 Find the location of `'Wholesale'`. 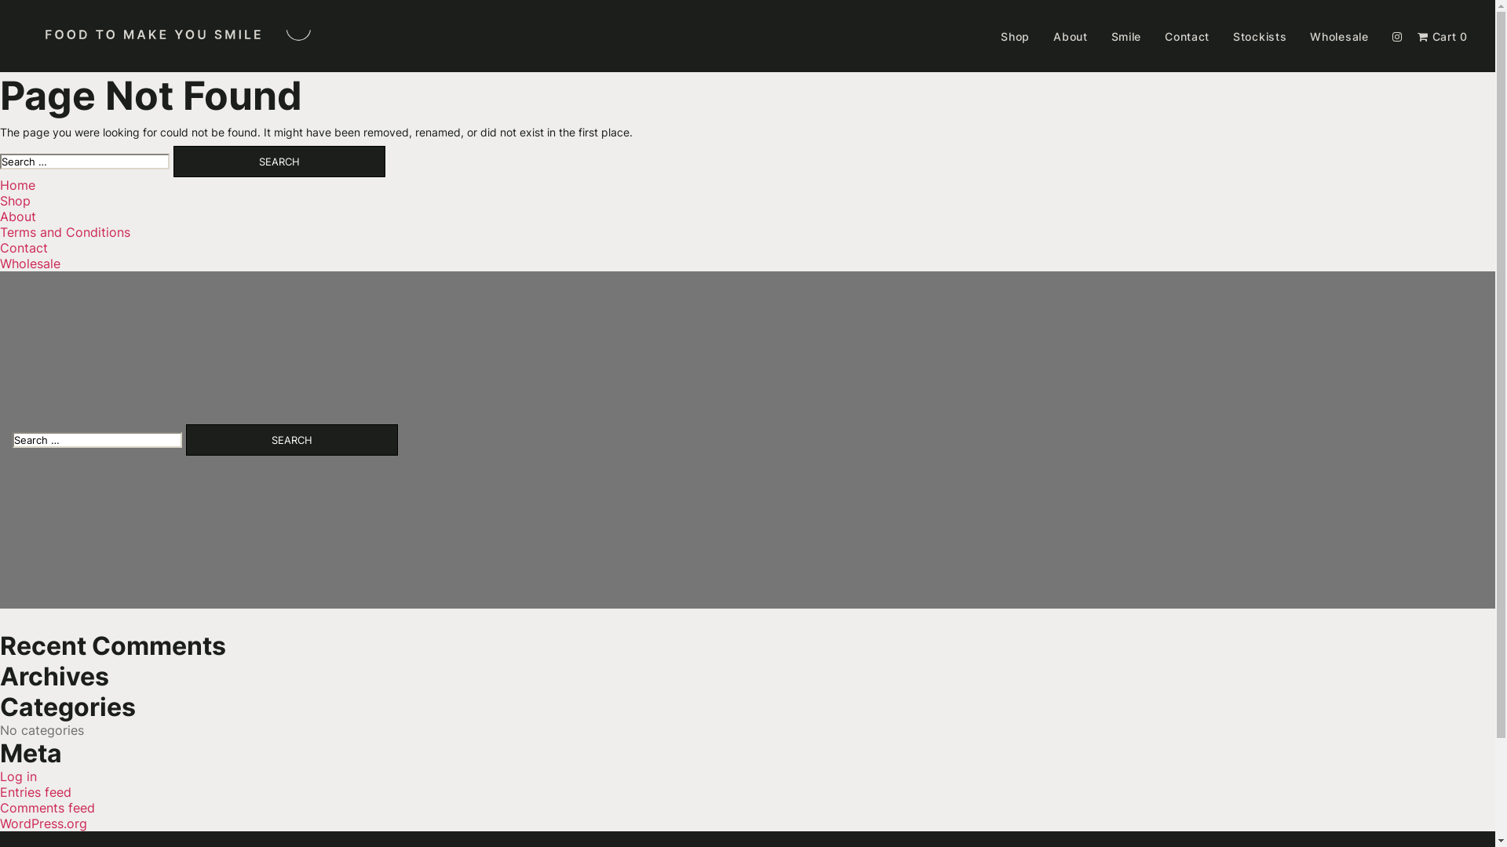

'Wholesale' is located at coordinates (30, 262).